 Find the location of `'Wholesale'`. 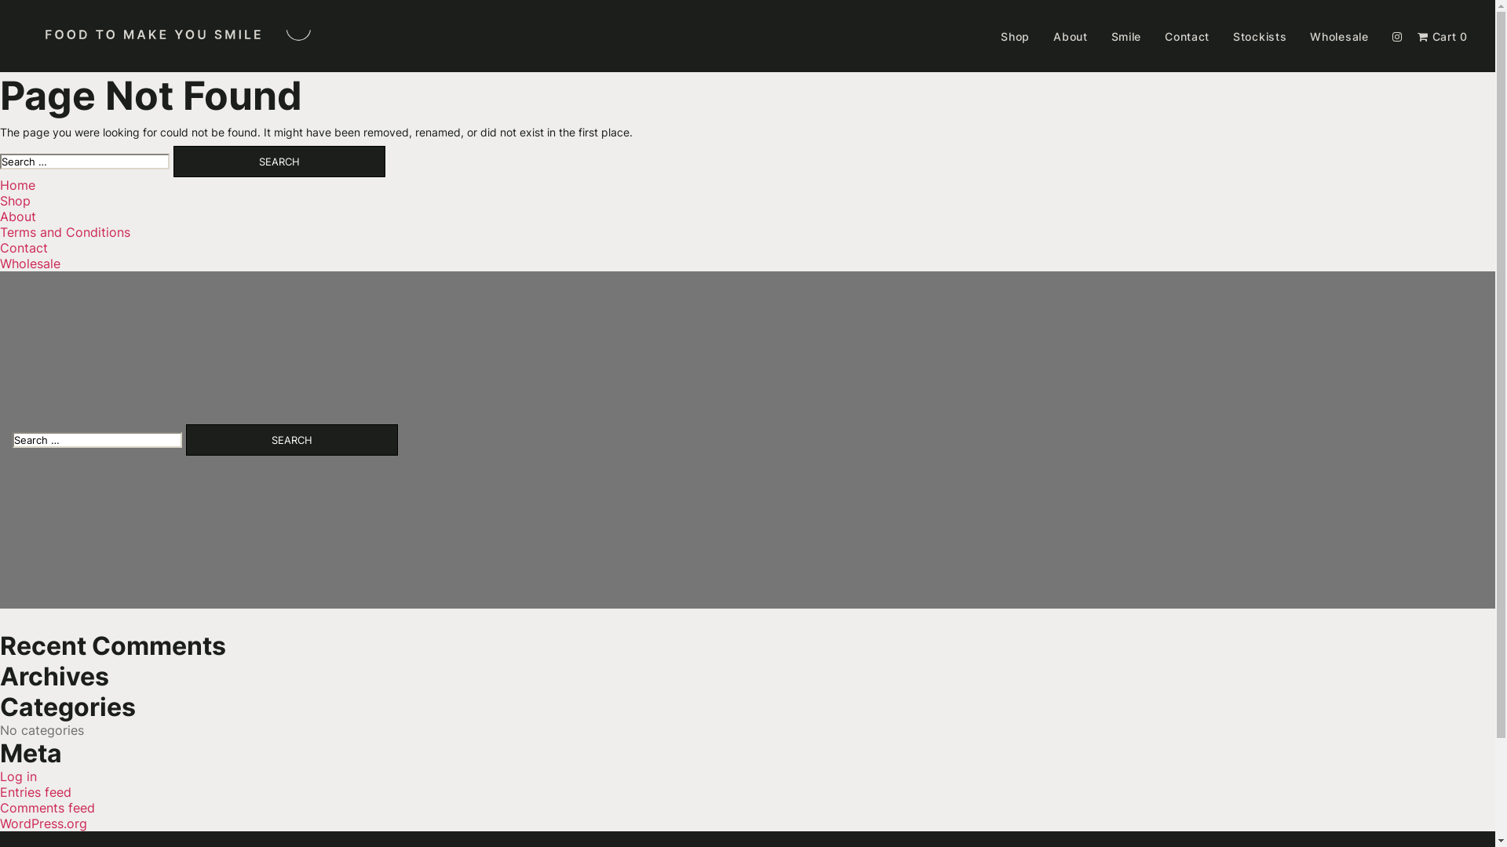

'Wholesale' is located at coordinates (30, 262).